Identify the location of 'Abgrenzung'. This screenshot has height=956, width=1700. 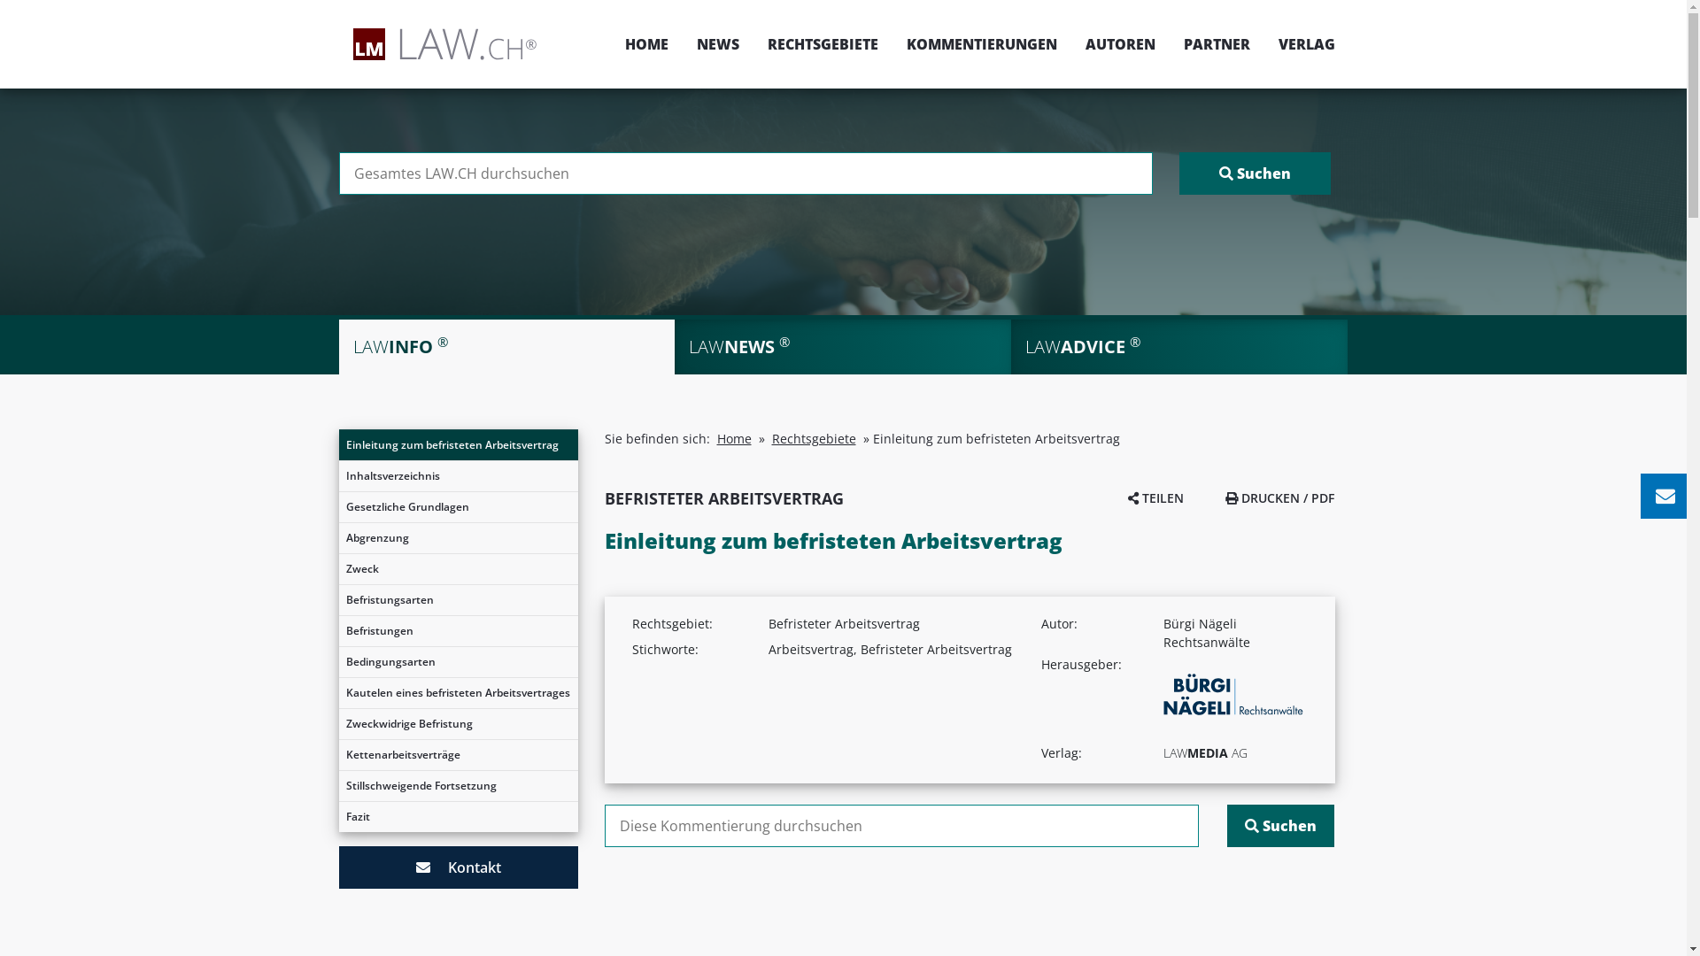
(338, 537).